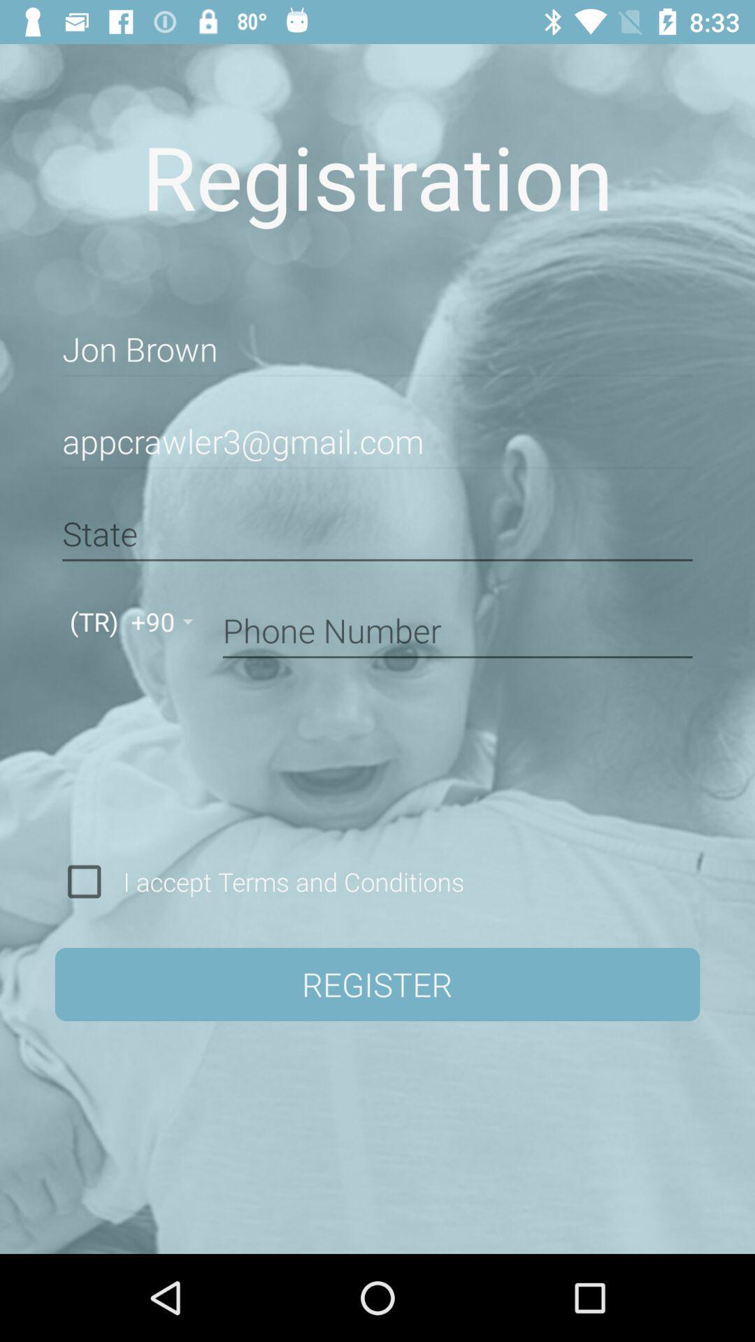 Image resolution: width=755 pixels, height=1342 pixels. What do you see at coordinates (84, 881) in the screenshot?
I see `agree to the terms of conditions` at bounding box center [84, 881].